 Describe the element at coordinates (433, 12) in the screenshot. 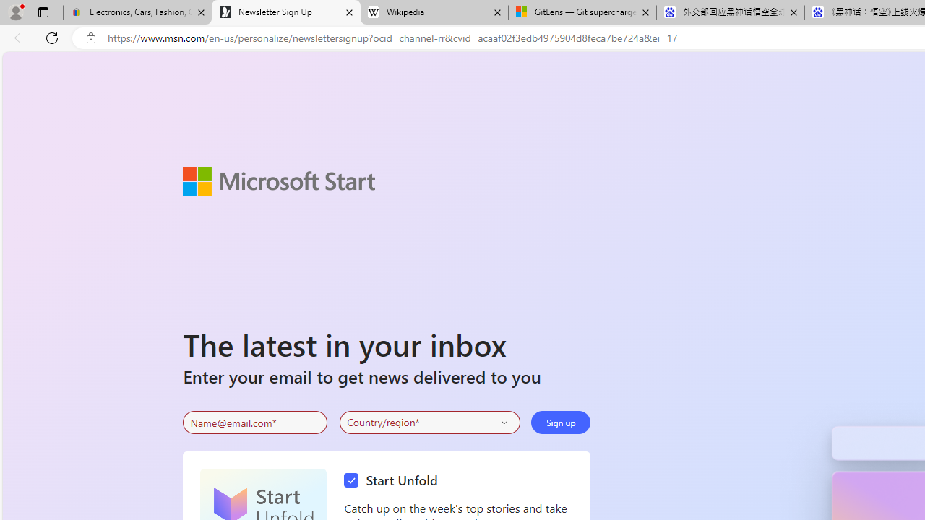

I see `'Wikipedia'` at that location.